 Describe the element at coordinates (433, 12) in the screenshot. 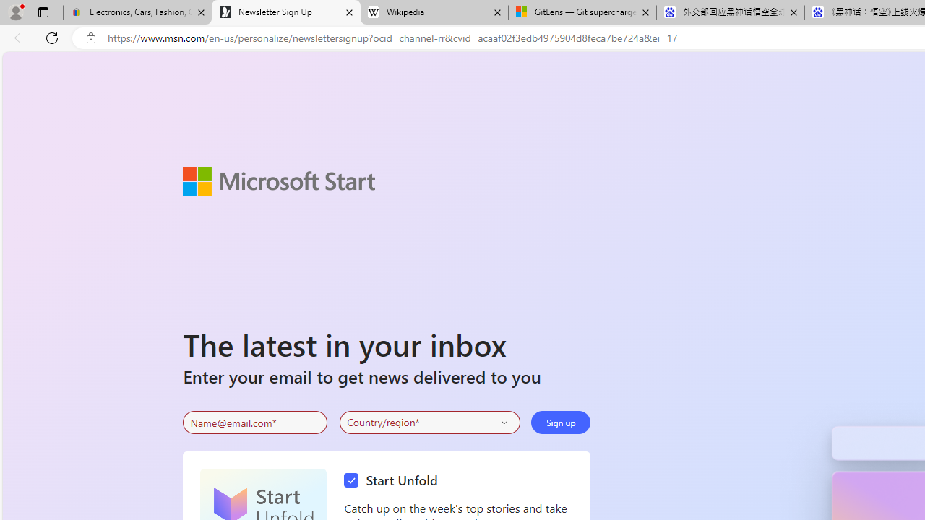

I see `'Wikipedia'` at that location.